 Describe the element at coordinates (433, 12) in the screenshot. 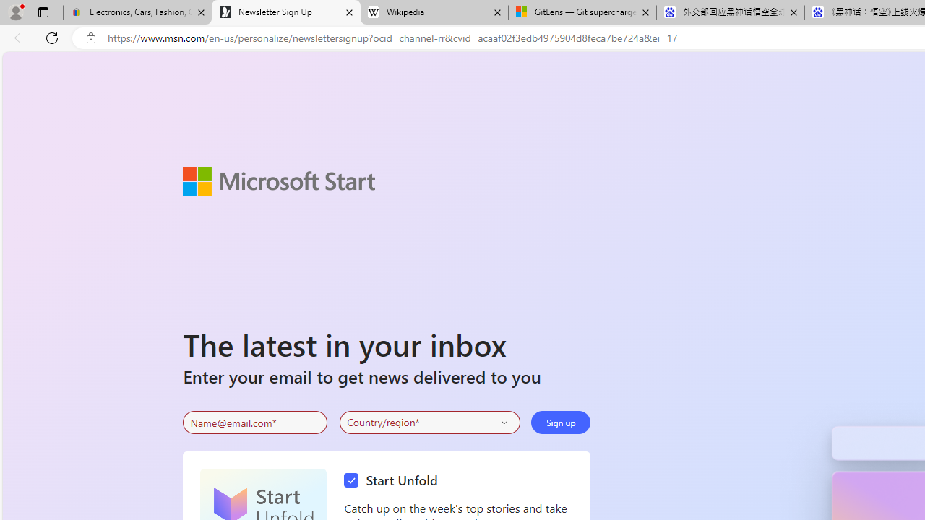

I see `'Wikipedia'` at that location.